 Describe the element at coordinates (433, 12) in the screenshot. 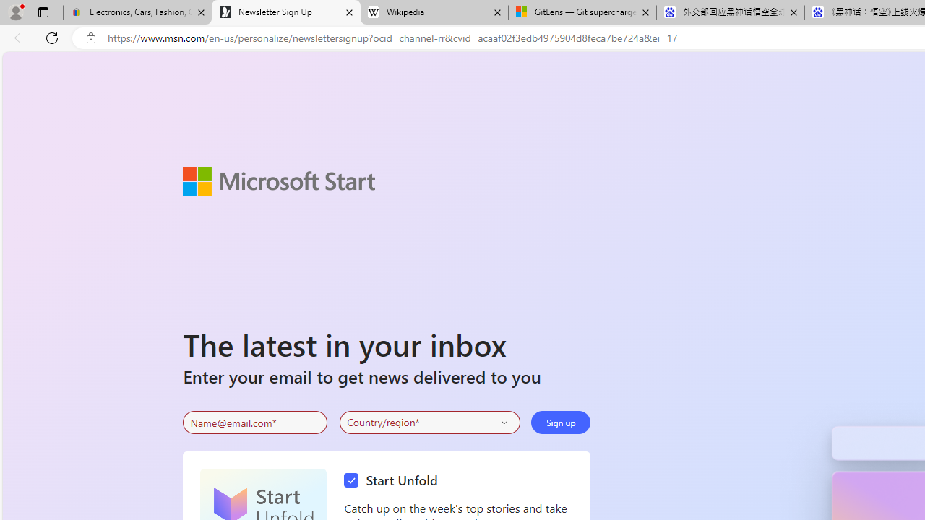

I see `'Wikipedia'` at that location.